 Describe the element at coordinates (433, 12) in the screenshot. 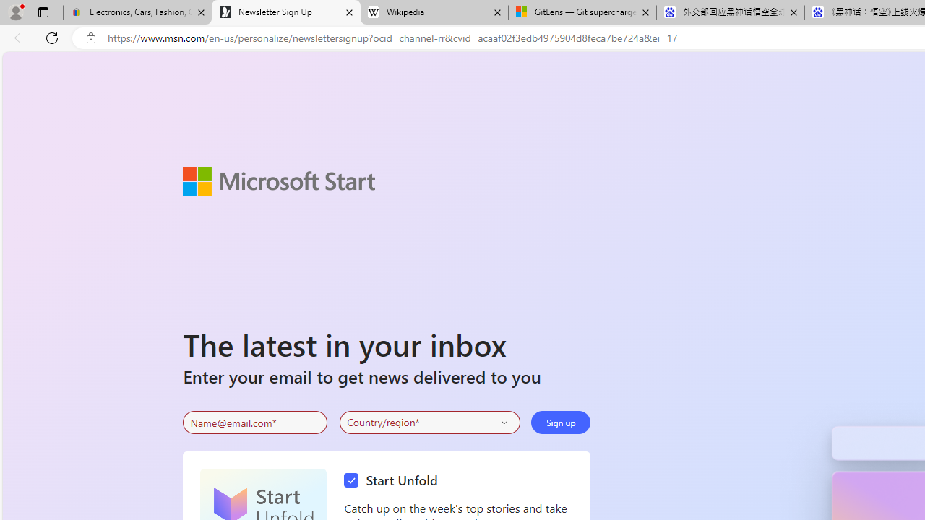

I see `'Wikipedia'` at that location.